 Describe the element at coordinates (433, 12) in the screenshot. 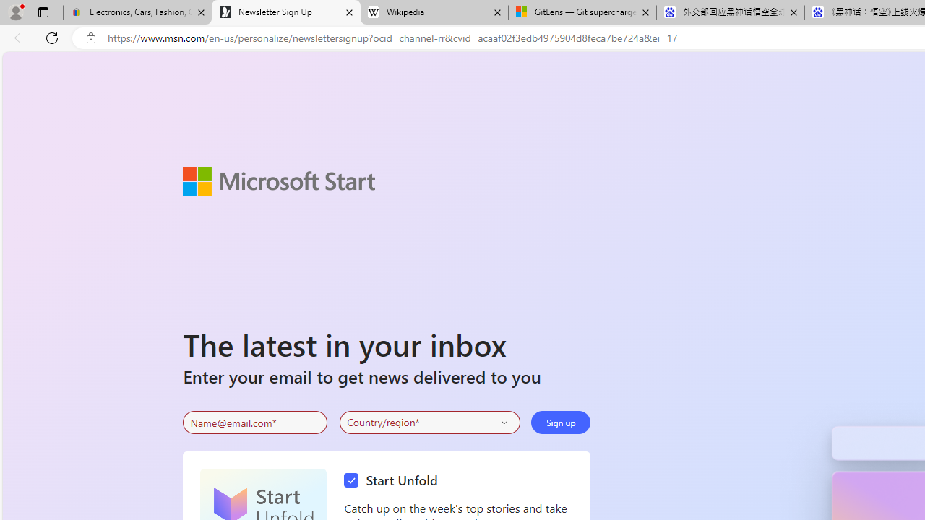

I see `'Wikipedia'` at that location.